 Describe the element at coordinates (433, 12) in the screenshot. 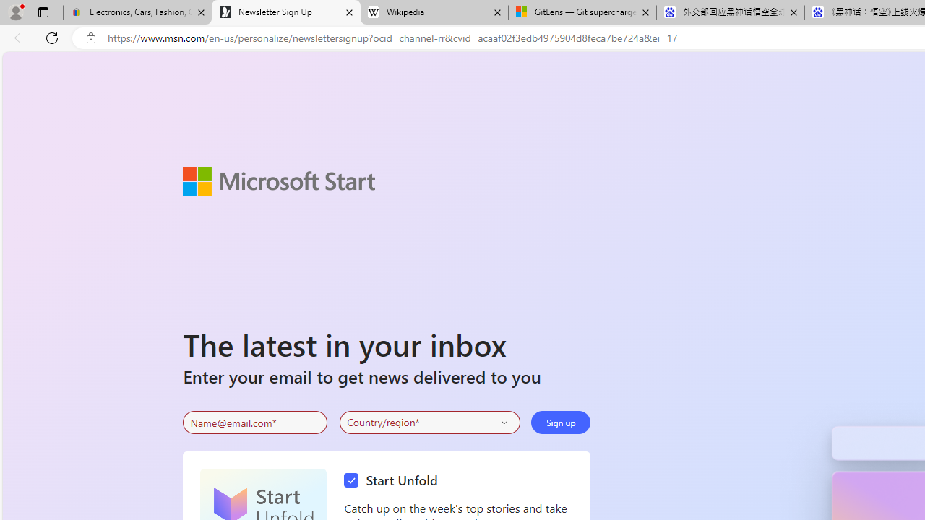

I see `'Wikipedia'` at that location.